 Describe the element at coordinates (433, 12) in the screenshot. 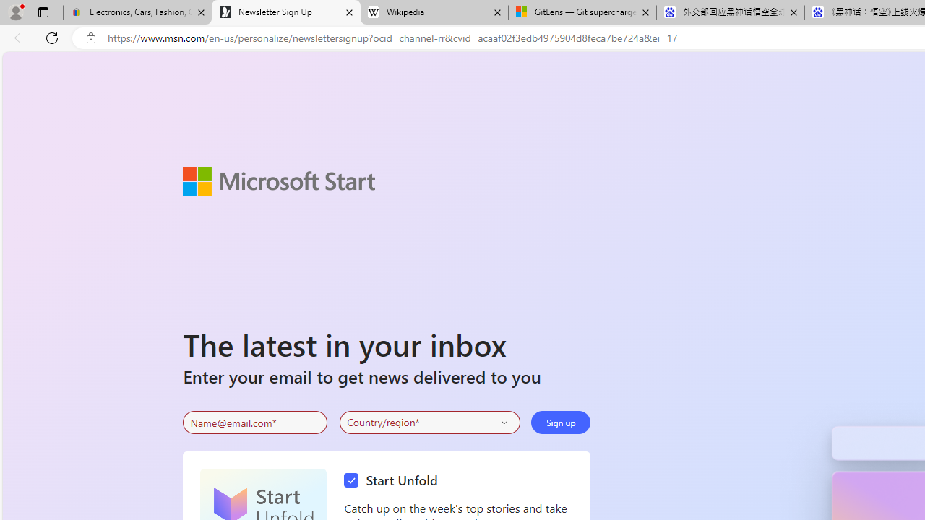

I see `'Wikipedia'` at that location.